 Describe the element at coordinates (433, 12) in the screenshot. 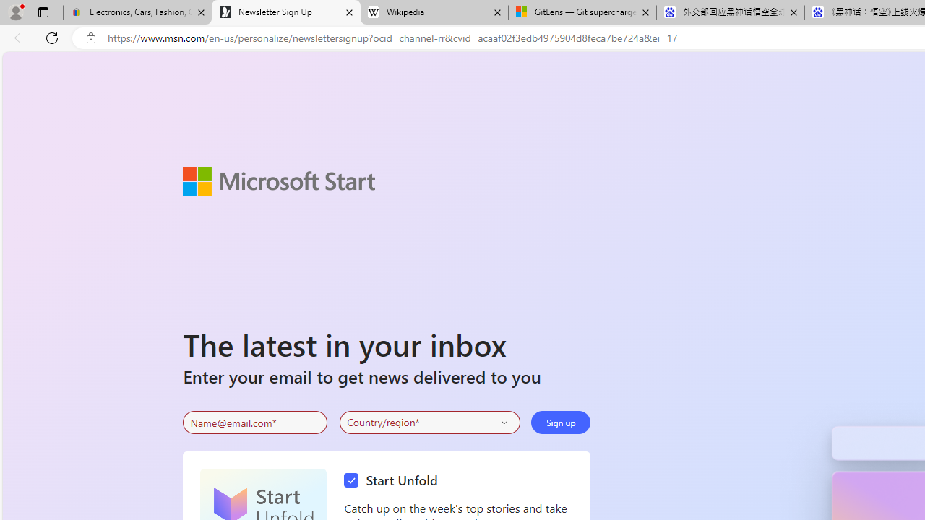

I see `'Wikipedia'` at that location.